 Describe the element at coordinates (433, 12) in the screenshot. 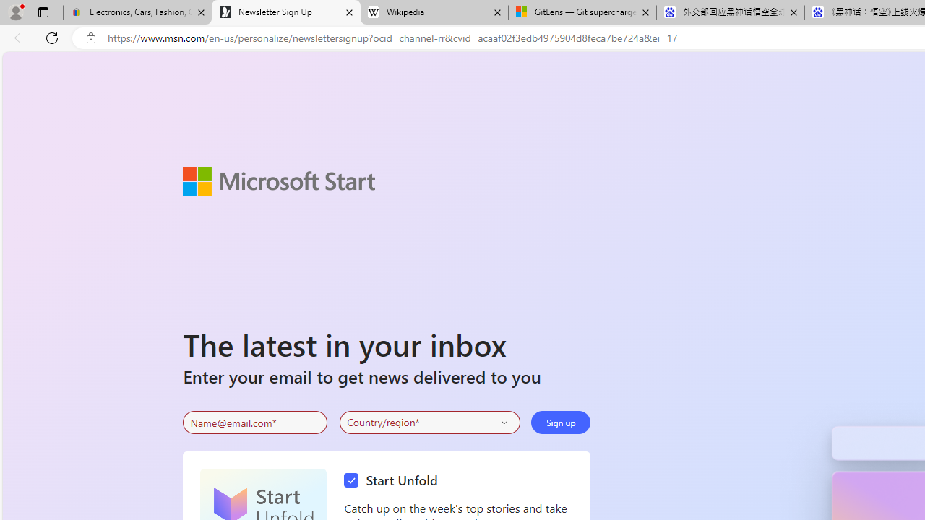

I see `'Wikipedia'` at that location.